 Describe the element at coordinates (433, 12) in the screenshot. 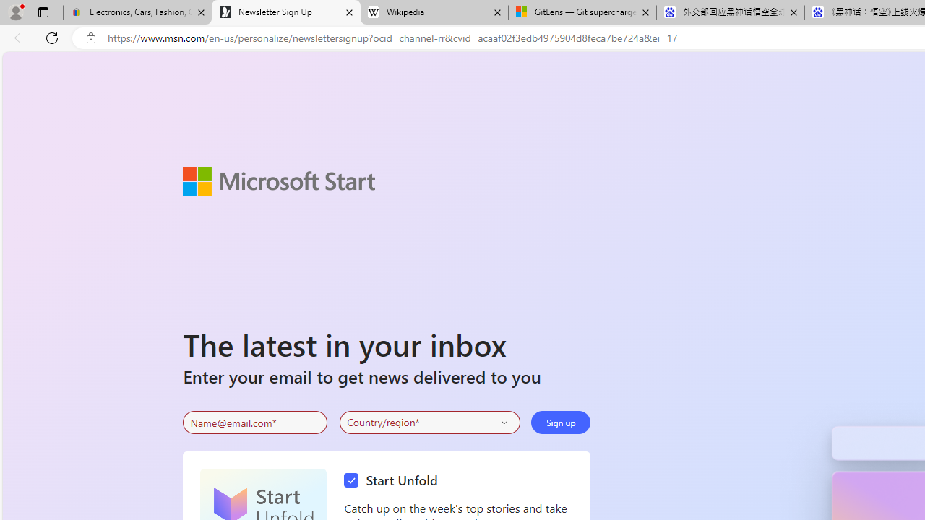

I see `'Wikipedia'` at that location.